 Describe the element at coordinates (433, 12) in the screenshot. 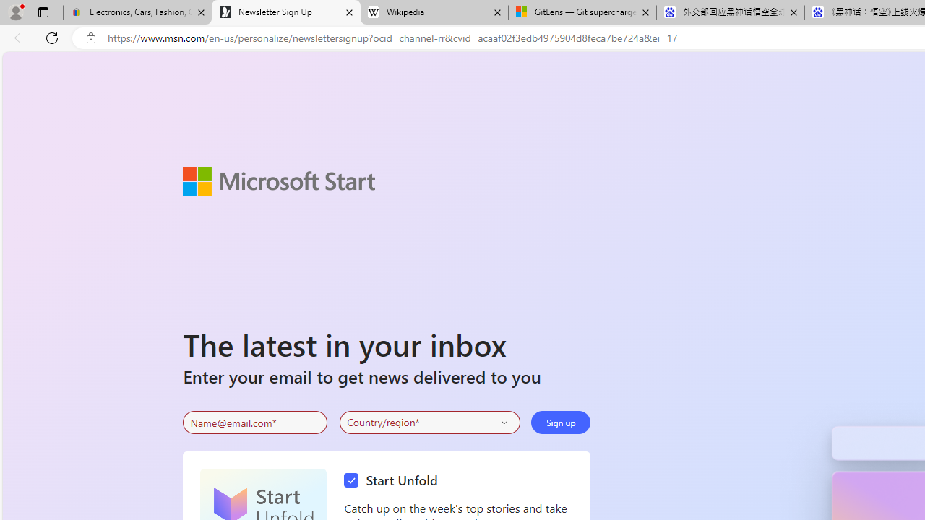

I see `'Wikipedia'` at that location.